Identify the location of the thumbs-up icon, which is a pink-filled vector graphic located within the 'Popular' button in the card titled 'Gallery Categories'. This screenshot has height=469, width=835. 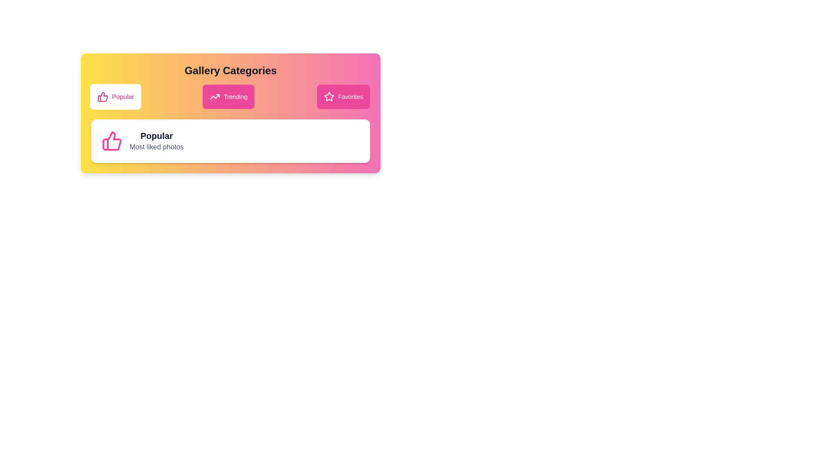
(111, 140).